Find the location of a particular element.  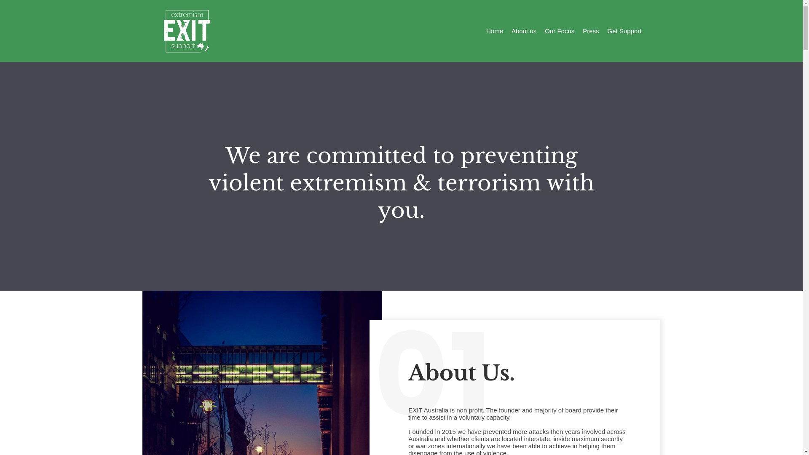

'EXIT Australia & NZ' is located at coordinates (185, 30).